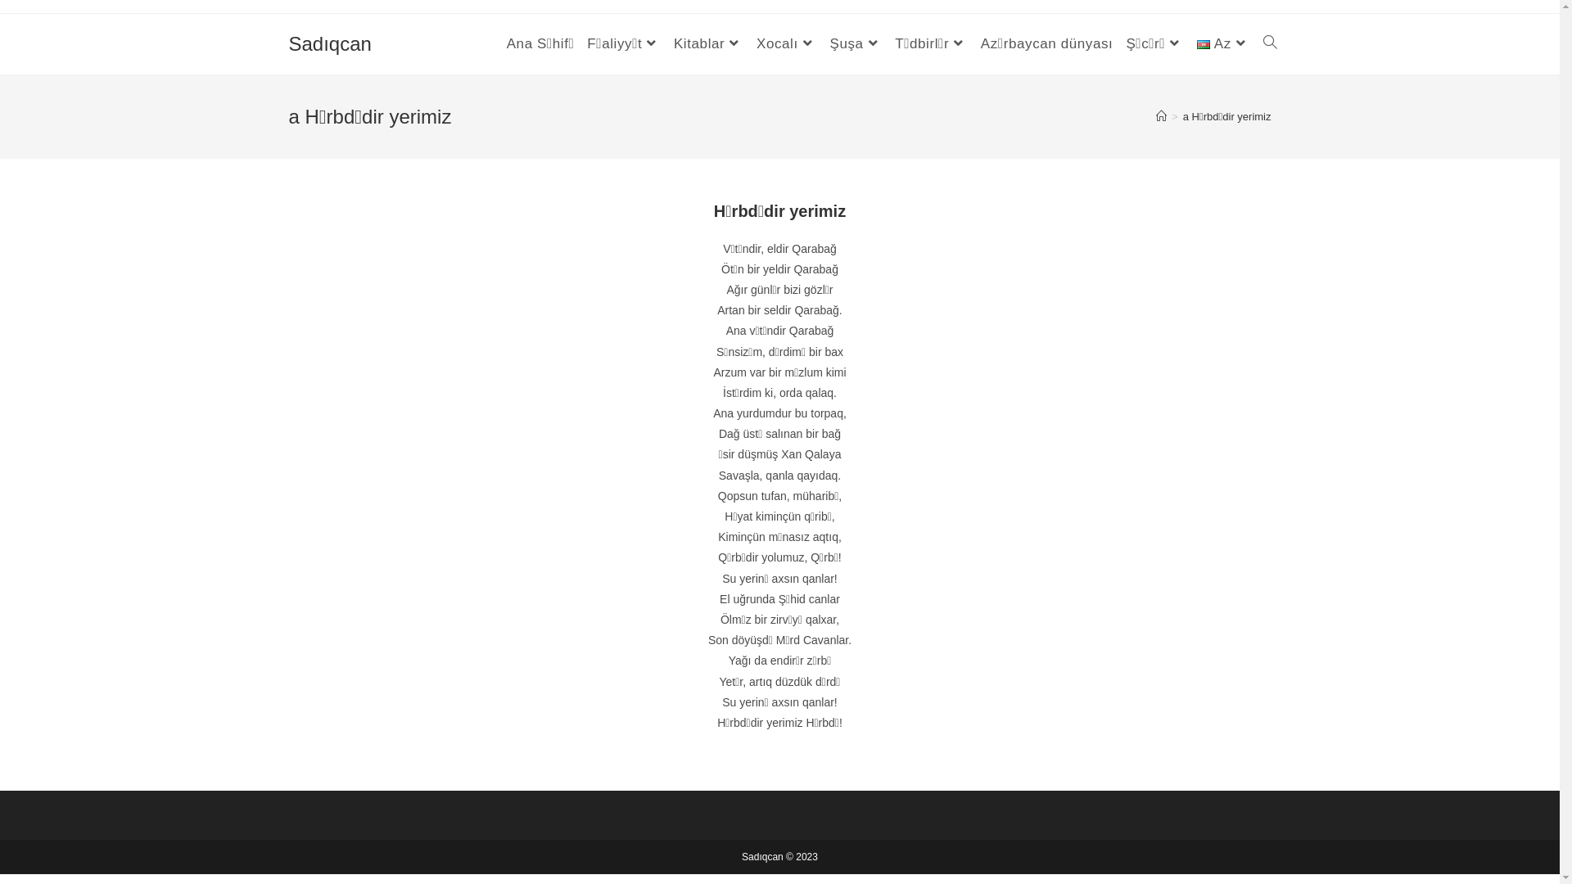 The height and width of the screenshot is (884, 1572). I want to click on 'Kitablar', so click(667, 43).